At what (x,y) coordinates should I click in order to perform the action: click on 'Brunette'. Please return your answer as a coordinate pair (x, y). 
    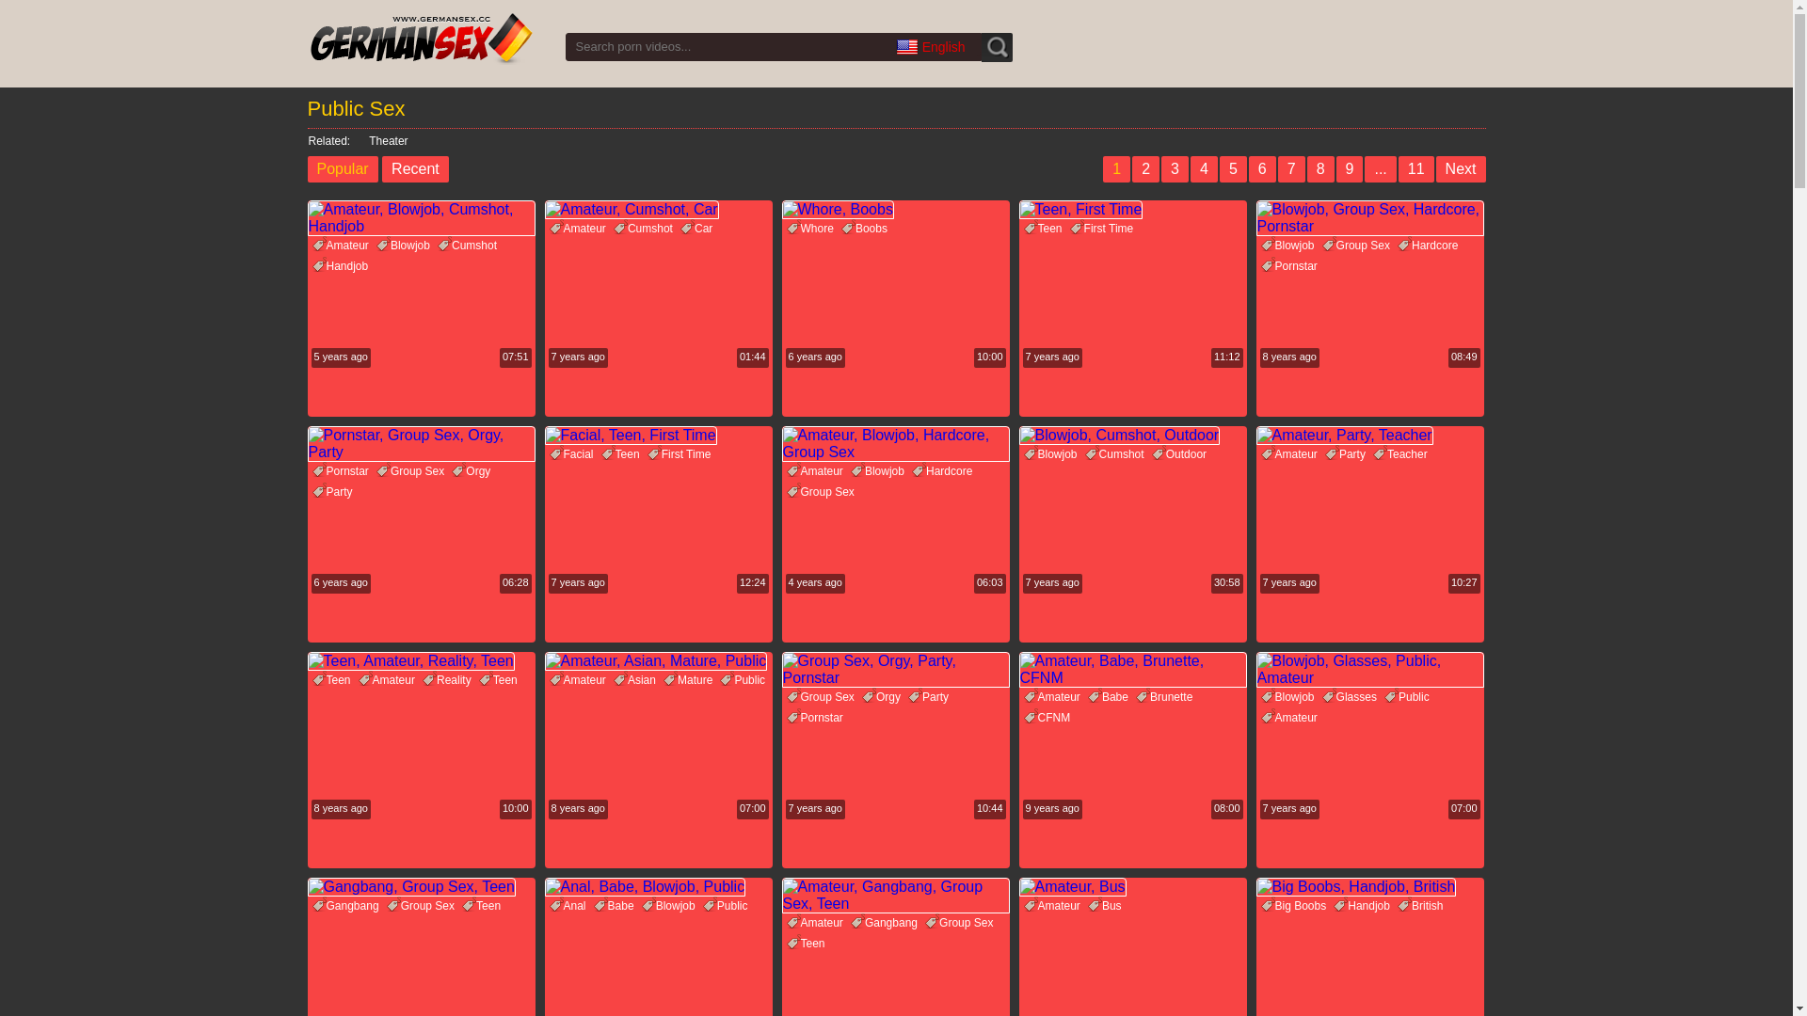
    Looking at the image, I should click on (1165, 696).